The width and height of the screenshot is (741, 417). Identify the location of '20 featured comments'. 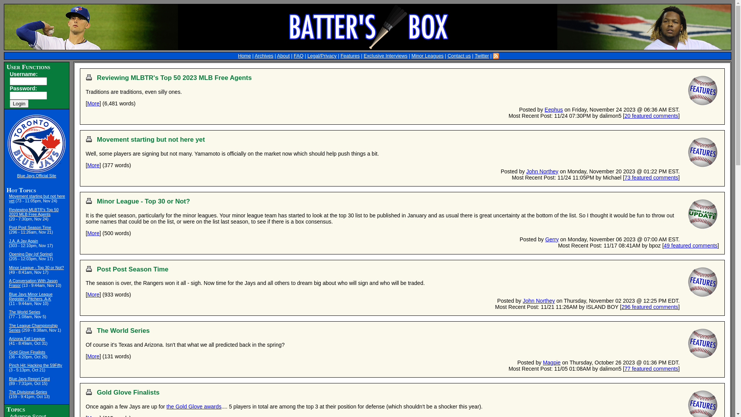
(651, 116).